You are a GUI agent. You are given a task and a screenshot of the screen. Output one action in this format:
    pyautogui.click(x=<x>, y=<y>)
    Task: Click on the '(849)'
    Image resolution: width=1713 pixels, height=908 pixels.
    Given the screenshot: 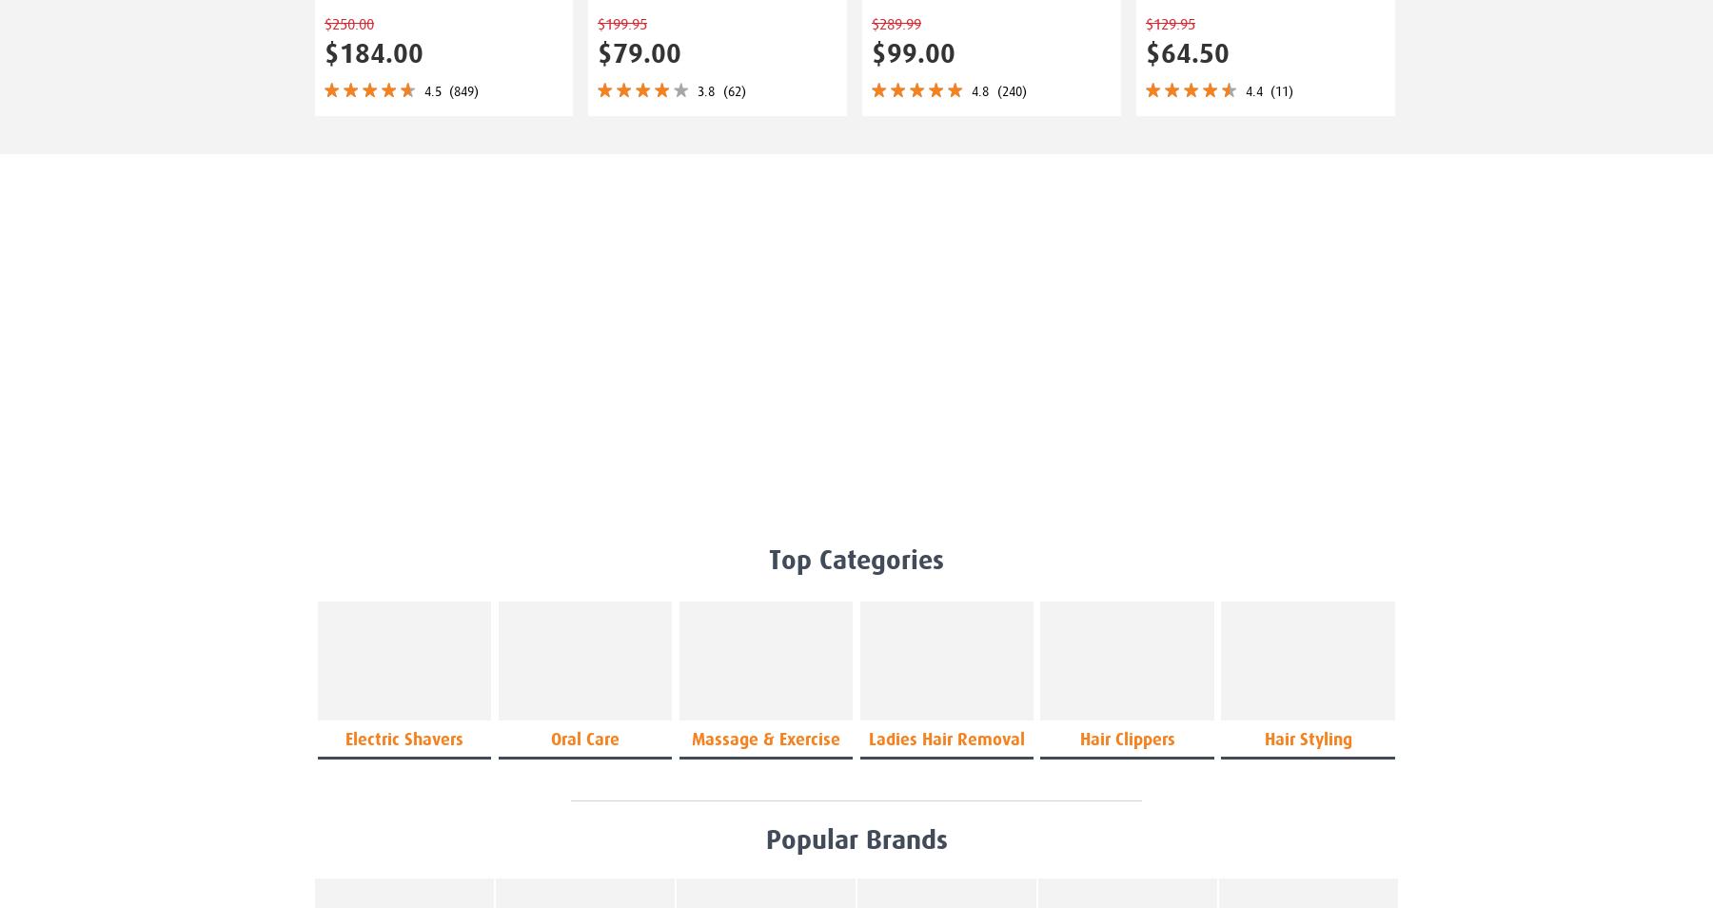 What is the action you would take?
    pyautogui.click(x=463, y=89)
    